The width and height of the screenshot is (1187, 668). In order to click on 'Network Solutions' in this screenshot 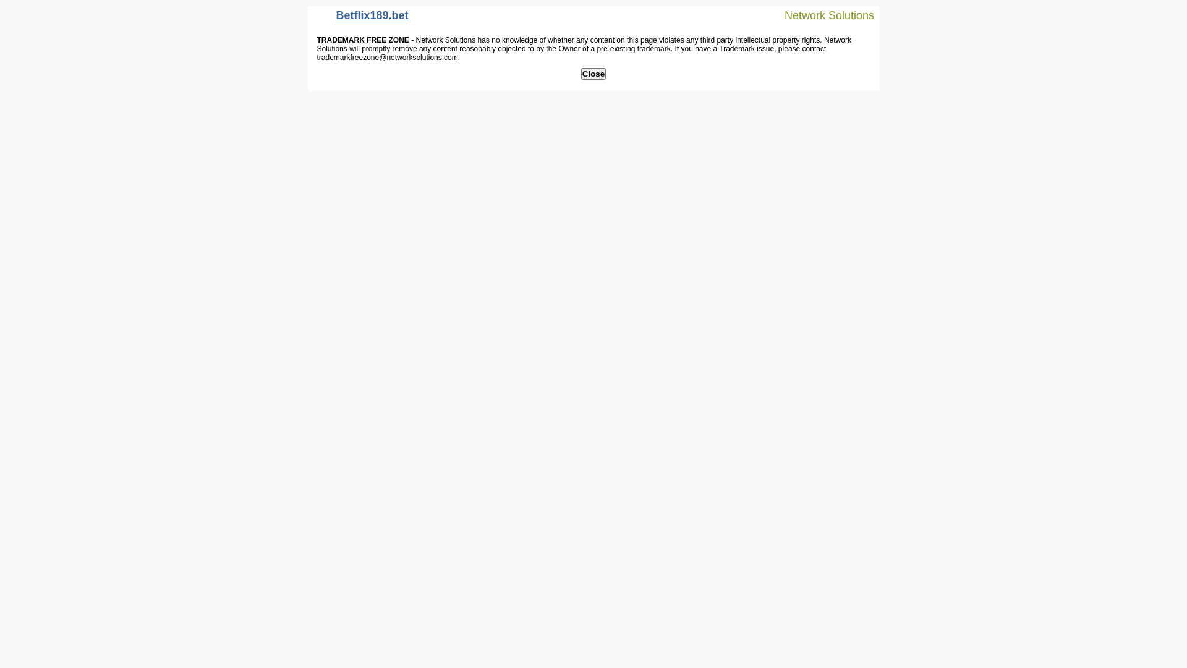, I will do `click(822, 14)`.